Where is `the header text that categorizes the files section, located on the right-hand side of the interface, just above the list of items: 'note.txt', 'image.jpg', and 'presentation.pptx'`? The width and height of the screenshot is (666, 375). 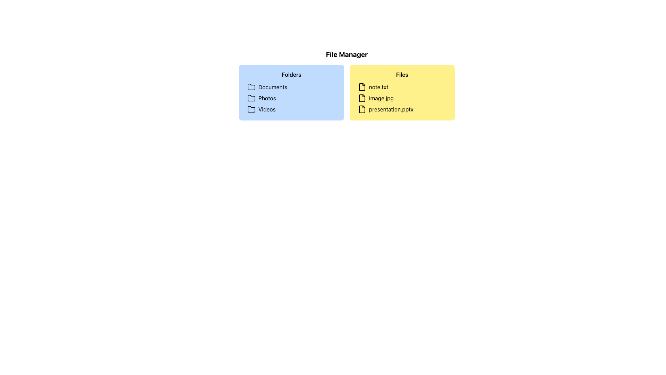 the header text that categorizes the files section, located on the right-hand side of the interface, just above the list of items: 'note.txt', 'image.jpg', and 'presentation.pptx' is located at coordinates (402, 75).